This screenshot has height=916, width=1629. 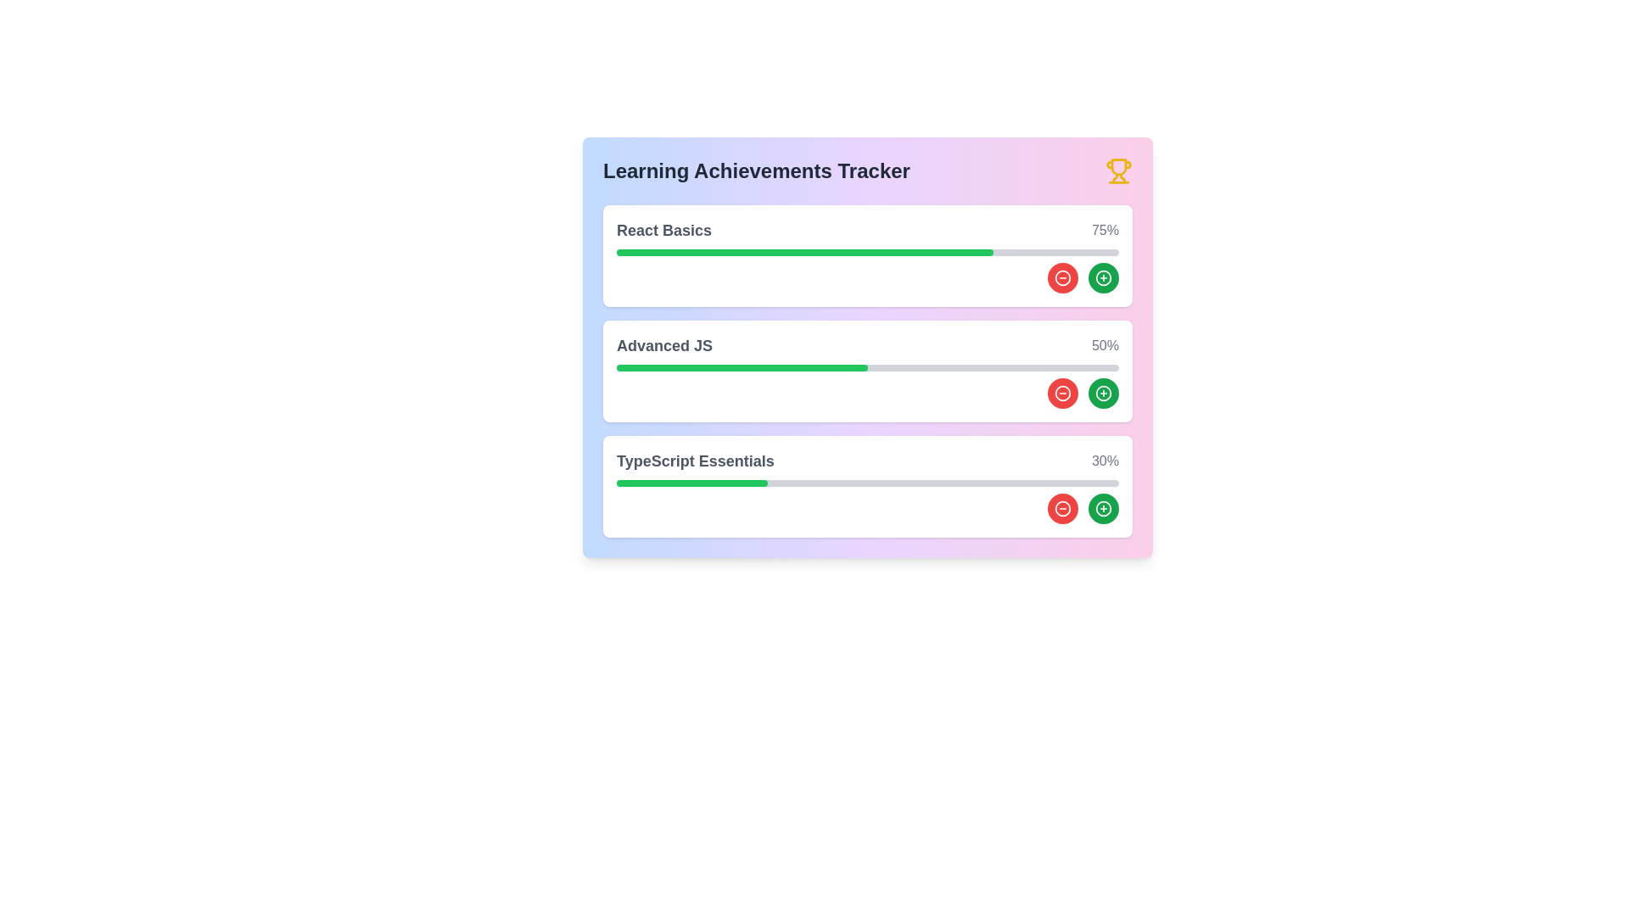 What do you see at coordinates (1103, 276) in the screenshot?
I see `the small circle at the center of the green circular button located on the right side of the 'React Basics' progress bar` at bounding box center [1103, 276].